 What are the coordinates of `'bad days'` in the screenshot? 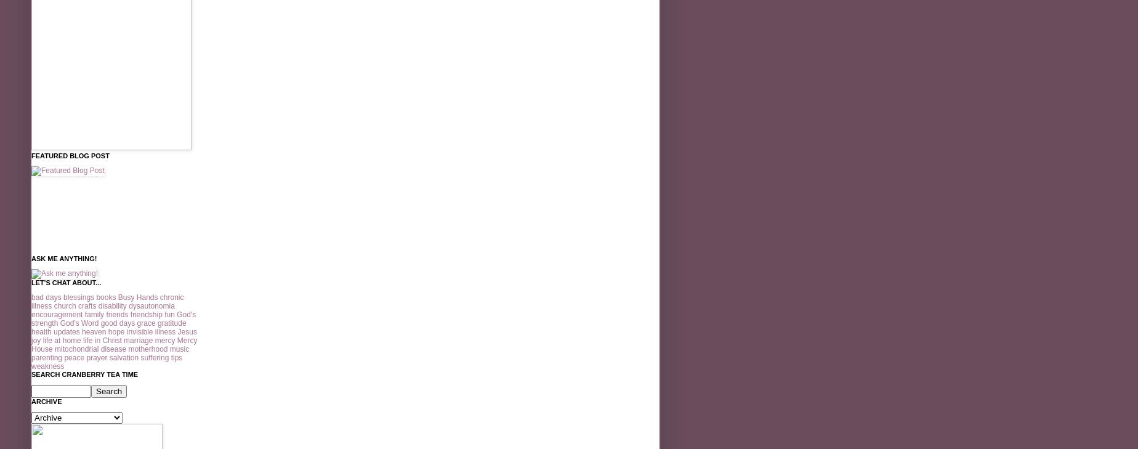 It's located at (46, 297).